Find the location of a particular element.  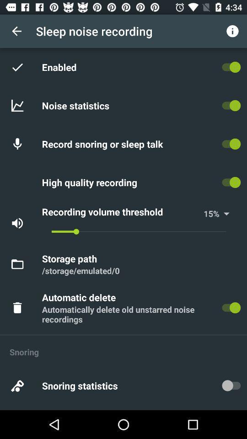

the item below record snoring or is located at coordinates (91, 182).